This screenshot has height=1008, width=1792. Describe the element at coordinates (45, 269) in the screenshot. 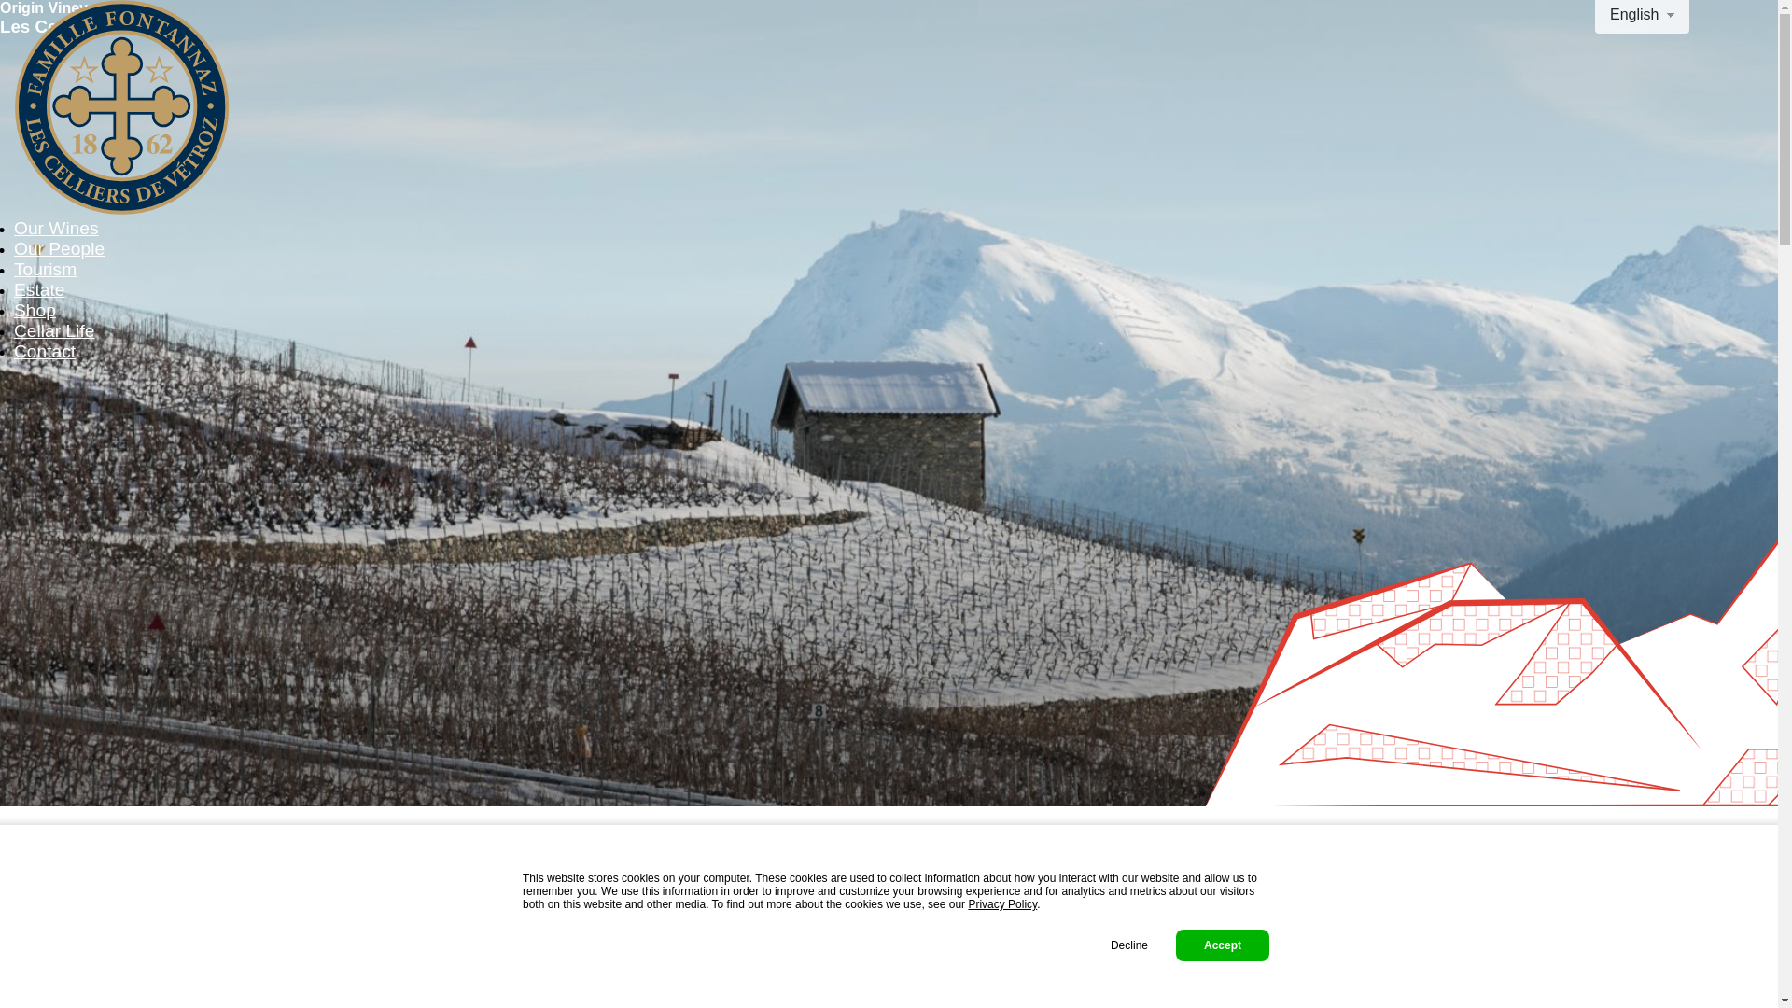

I see `'Tourism'` at that location.